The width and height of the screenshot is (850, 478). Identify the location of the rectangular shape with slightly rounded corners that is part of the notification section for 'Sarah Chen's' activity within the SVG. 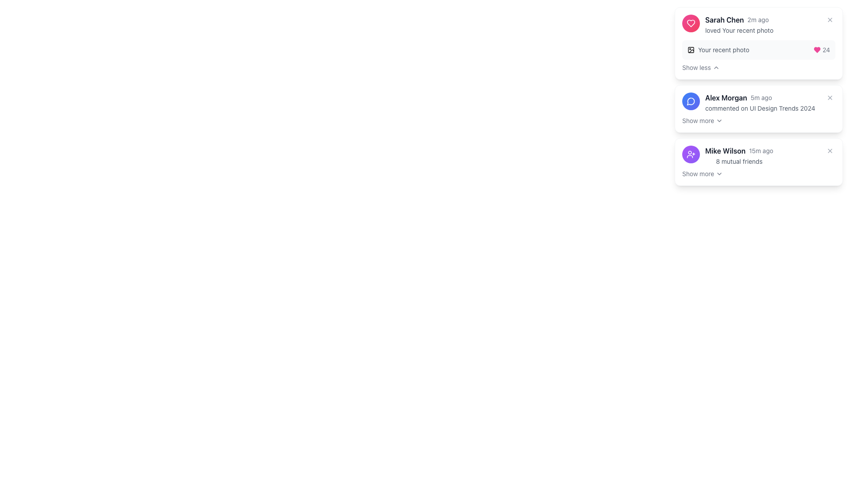
(690, 50).